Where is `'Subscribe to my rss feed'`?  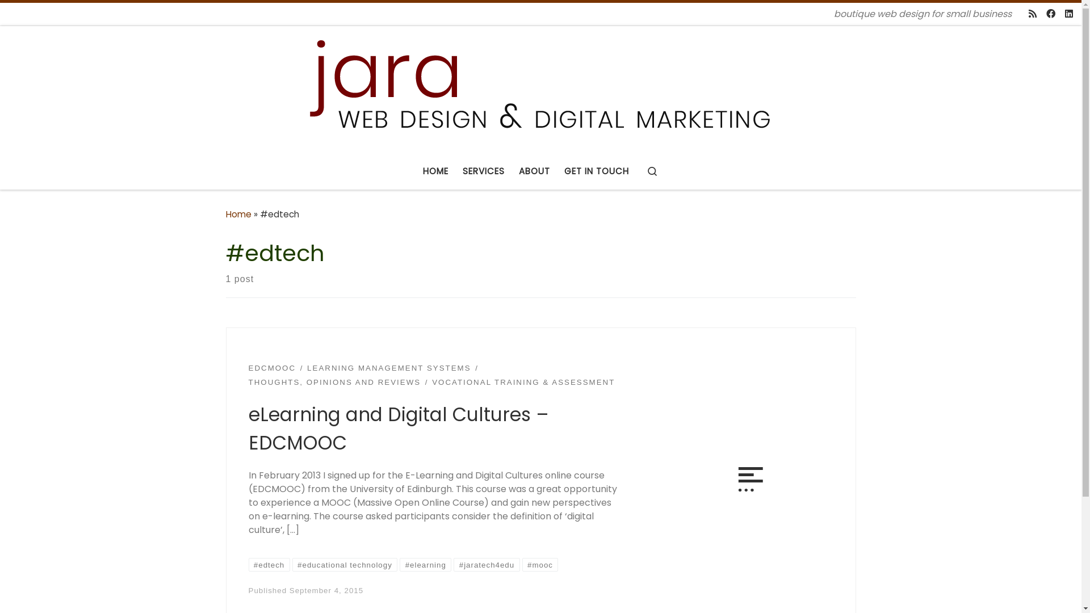
'Subscribe to my rss feed' is located at coordinates (1028, 14).